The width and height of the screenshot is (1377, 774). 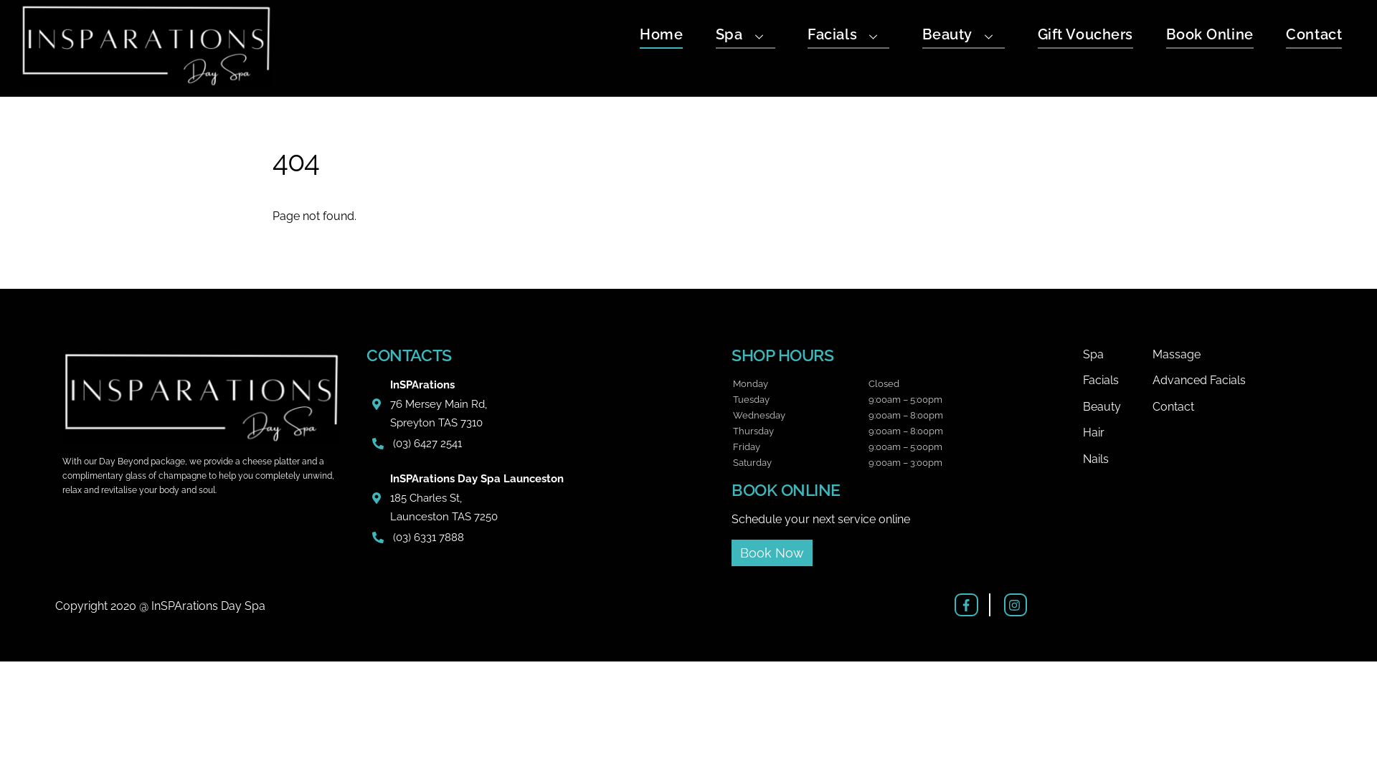 What do you see at coordinates (848, 36) in the screenshot?
I see `'Facials'` at bounding box center [848, 36].